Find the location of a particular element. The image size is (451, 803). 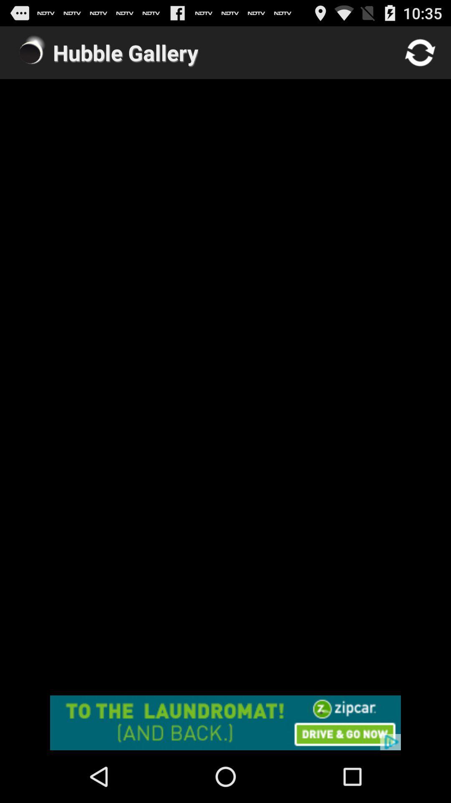

share the article is located at coordinates (225, 722).